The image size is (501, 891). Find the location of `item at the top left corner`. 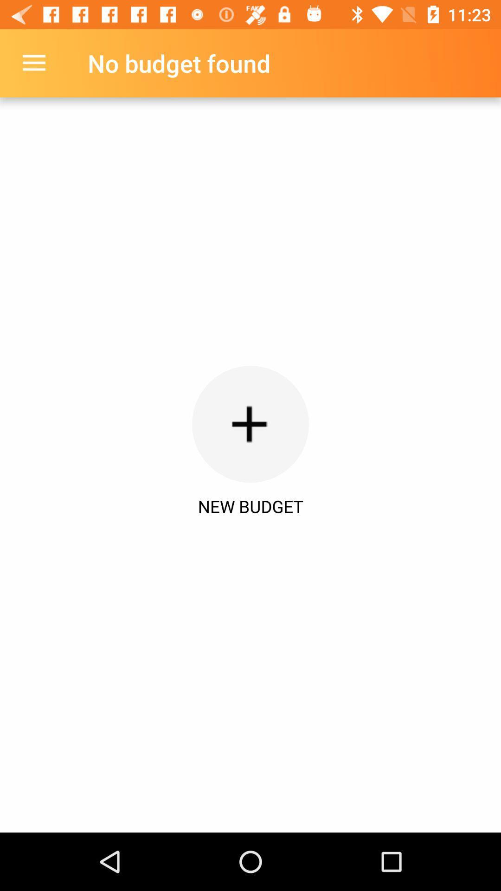

item at the top left corner is located at coordinates (33, 63).